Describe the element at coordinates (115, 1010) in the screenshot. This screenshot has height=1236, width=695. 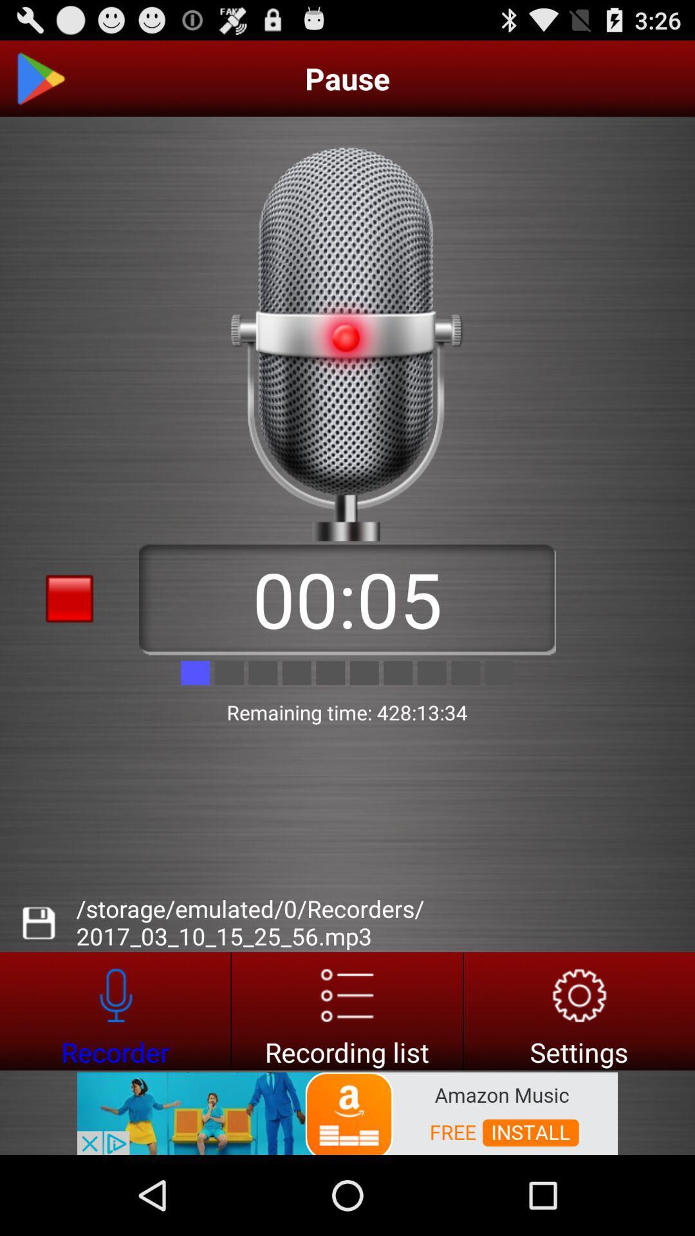
I see `recorder` at that location.